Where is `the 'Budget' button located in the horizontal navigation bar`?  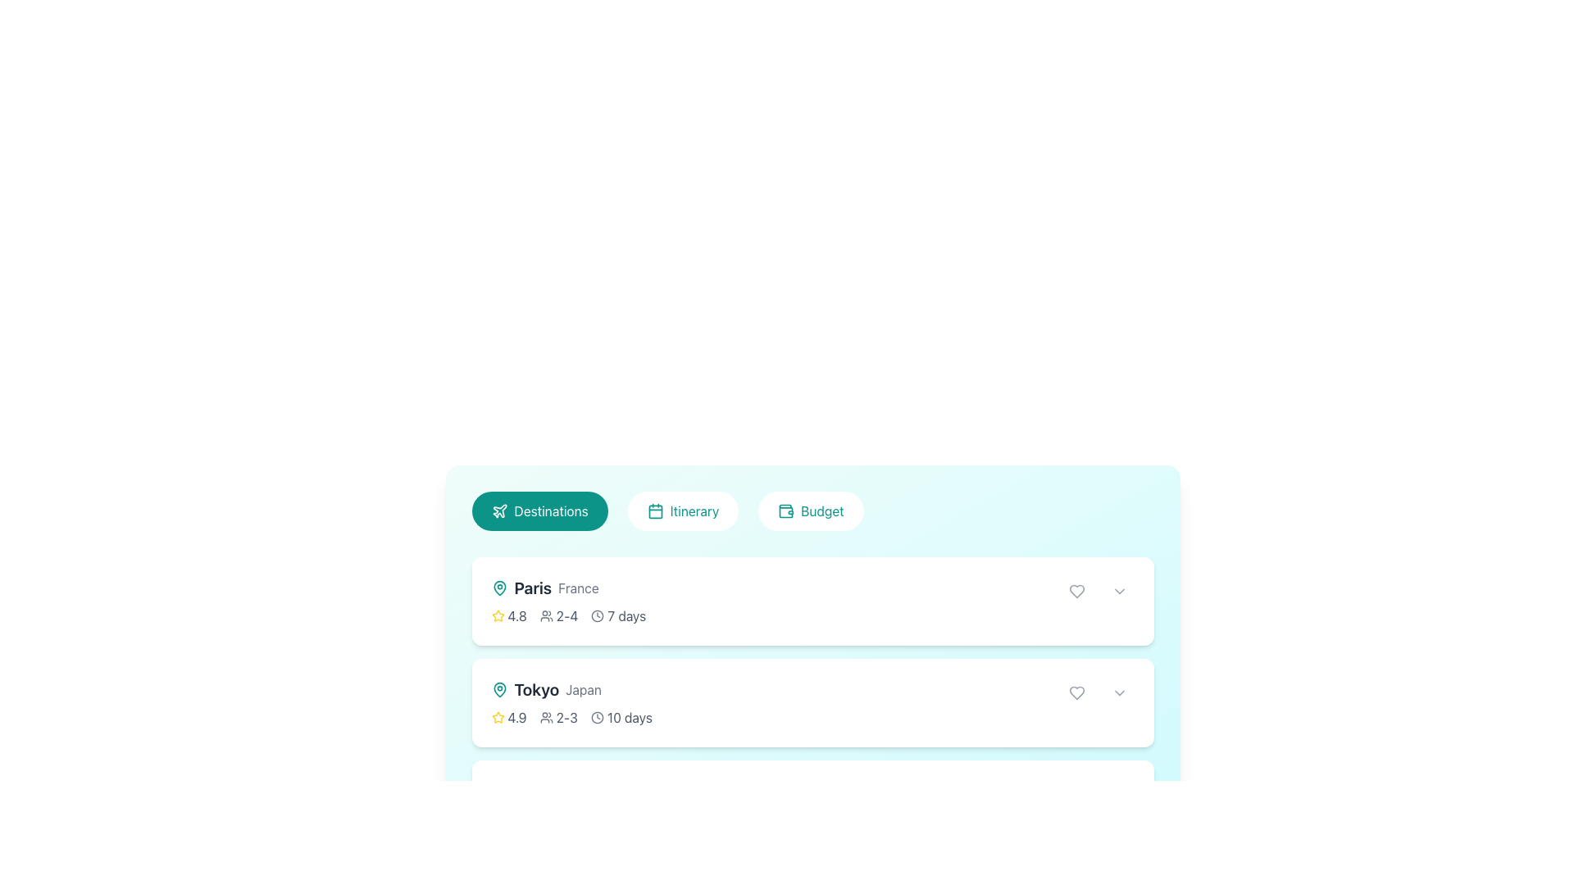
the 'Budget' button located in the horizontal navigation bar is located at coordinates (811, 511).